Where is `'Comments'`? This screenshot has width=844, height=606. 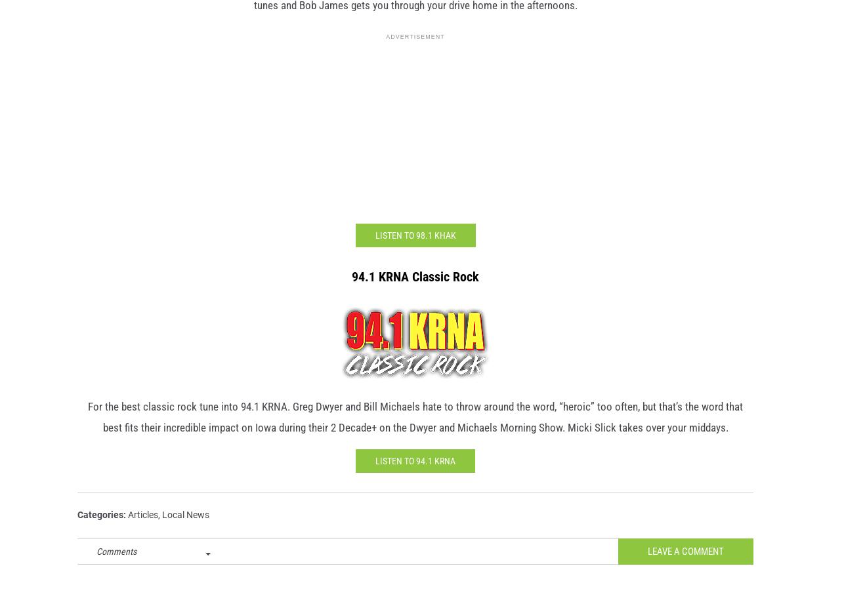
'Comments' is located at coordinates (116, 571).